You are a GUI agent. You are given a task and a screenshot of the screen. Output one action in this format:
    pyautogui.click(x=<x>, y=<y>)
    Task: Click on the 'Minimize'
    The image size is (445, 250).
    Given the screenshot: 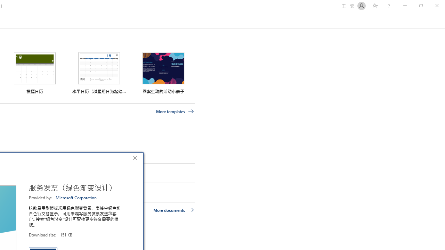 What is the action you would take?
    pyautogui.click(x=405, y=6)
    